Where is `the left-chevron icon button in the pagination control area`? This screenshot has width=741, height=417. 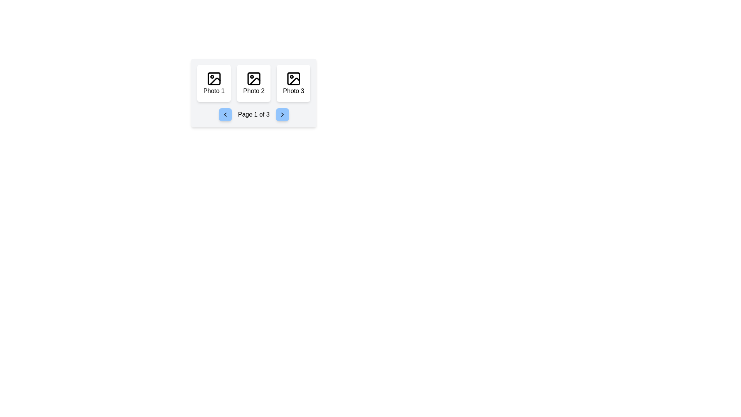 the left-chevron icon button in the pagination control area is located at coordinates (225, 115).